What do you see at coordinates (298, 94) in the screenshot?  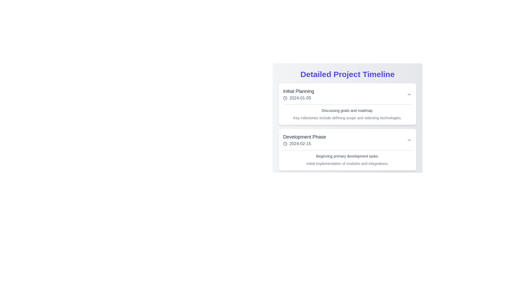 I see `the 'Initial Planning' textual block at the top-left corner of the project phases list` at bounding box center [298, 94].